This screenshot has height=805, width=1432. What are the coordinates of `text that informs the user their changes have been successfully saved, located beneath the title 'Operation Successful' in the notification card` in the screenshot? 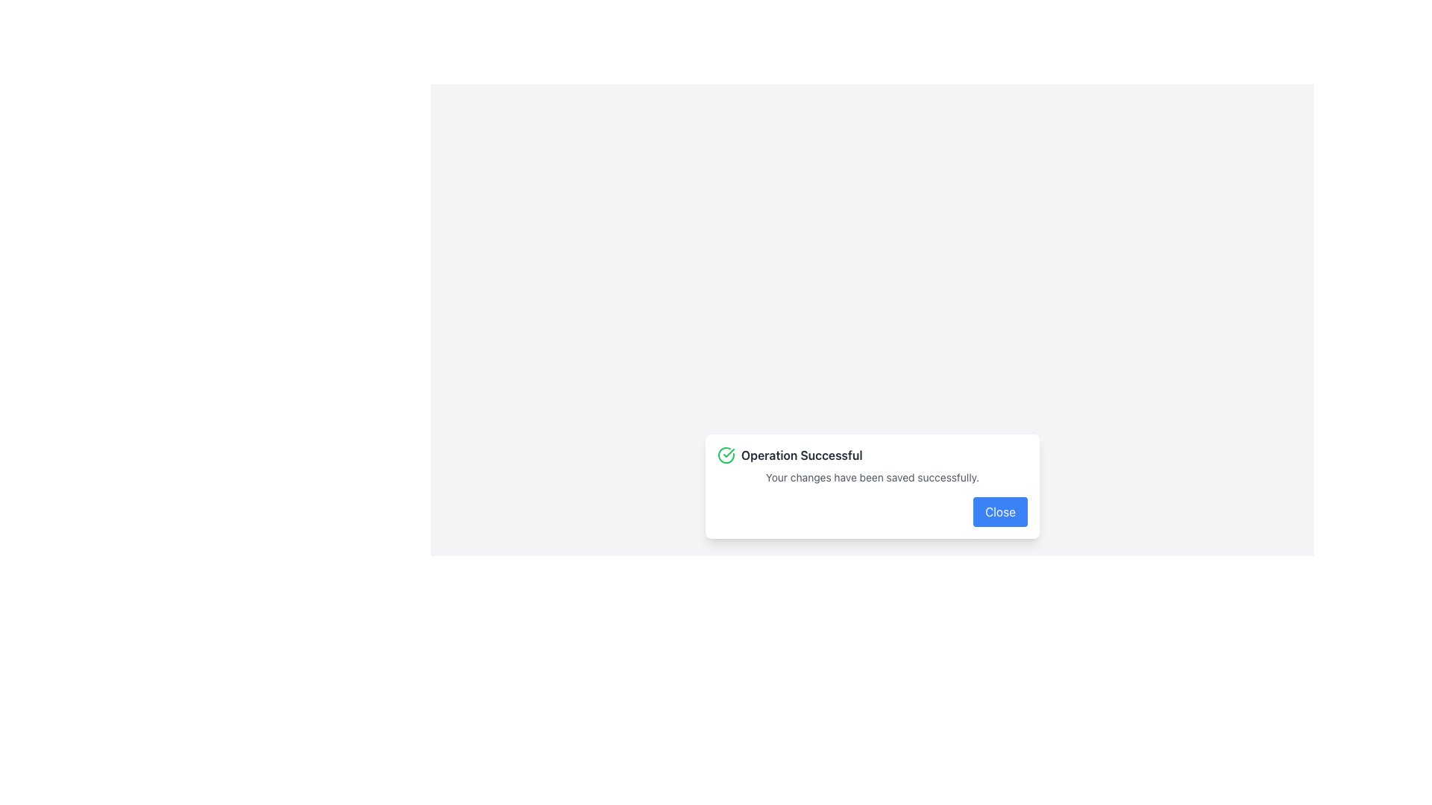 It's located at (873, 477).